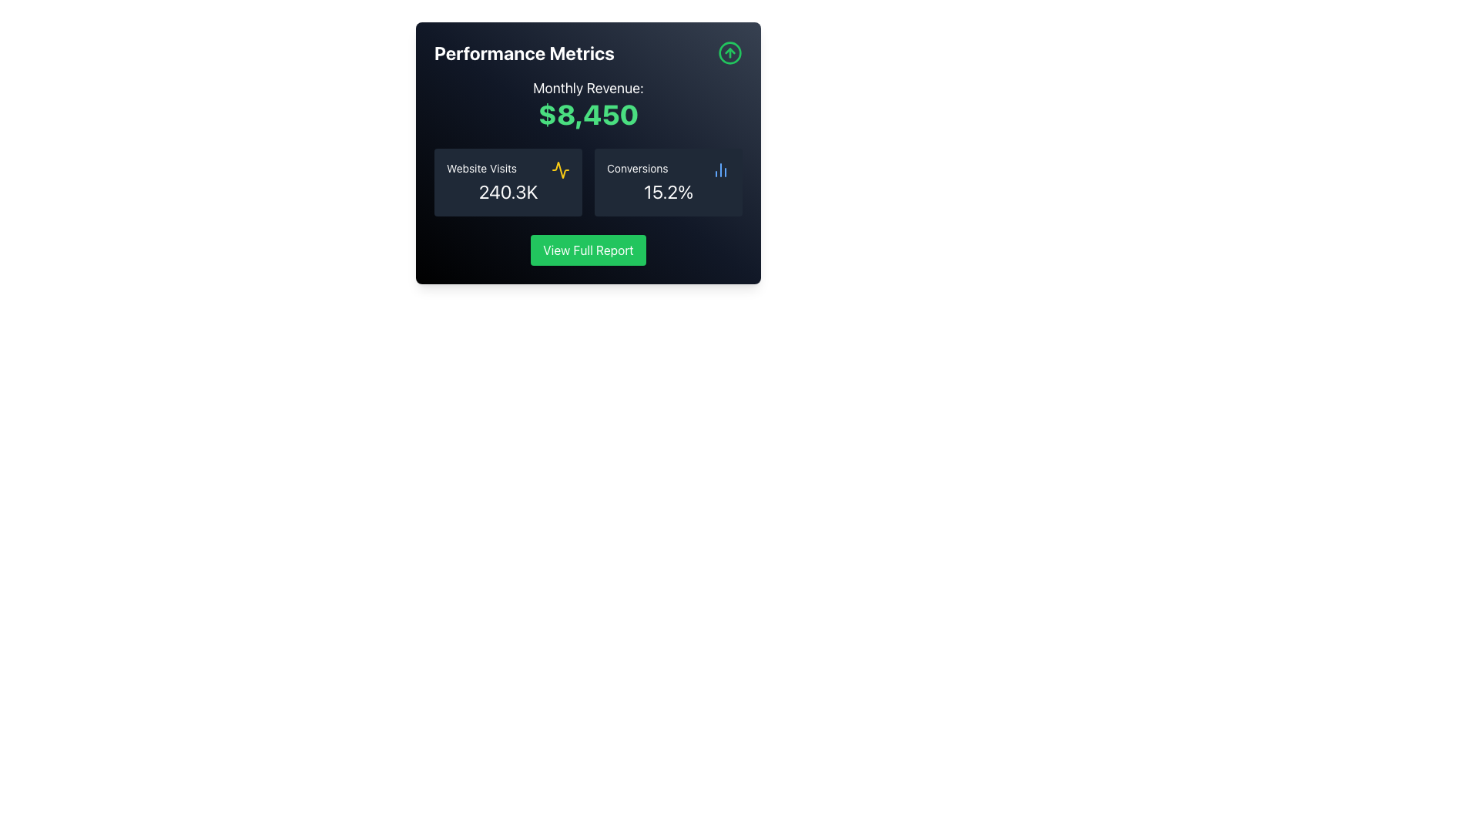 Image resolution: width=1479 pixels, height=832 pixels. I want to click on the text label displaying 'Conversions' that is aligned to the left of a chart icon within a card-like component, so click(637, 169).